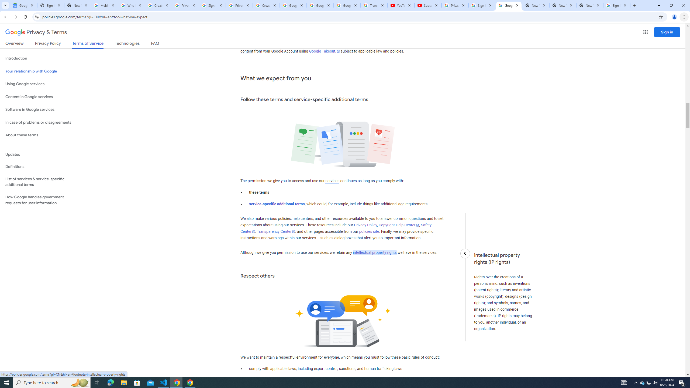 The image size is (690, 388). I want to click on 'FAQ', so click(155, 44).